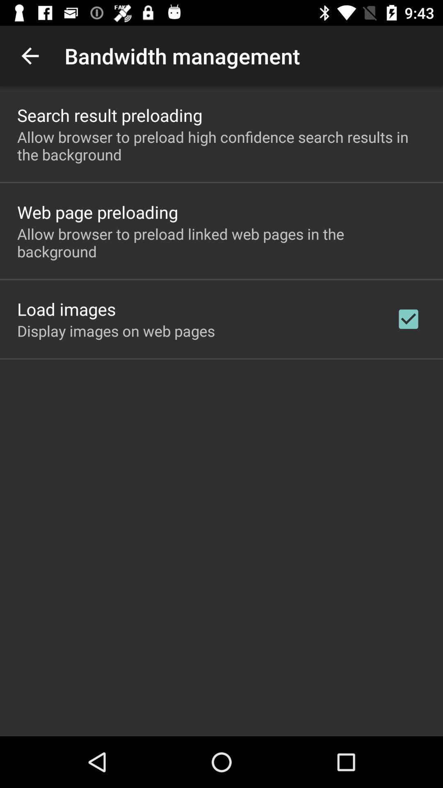 The width and height of the screenshot is (443, 788). Describe the element at coordinates (30, 55) in the screenshot. I see `icon to the left of bandwidth management app` at that location.